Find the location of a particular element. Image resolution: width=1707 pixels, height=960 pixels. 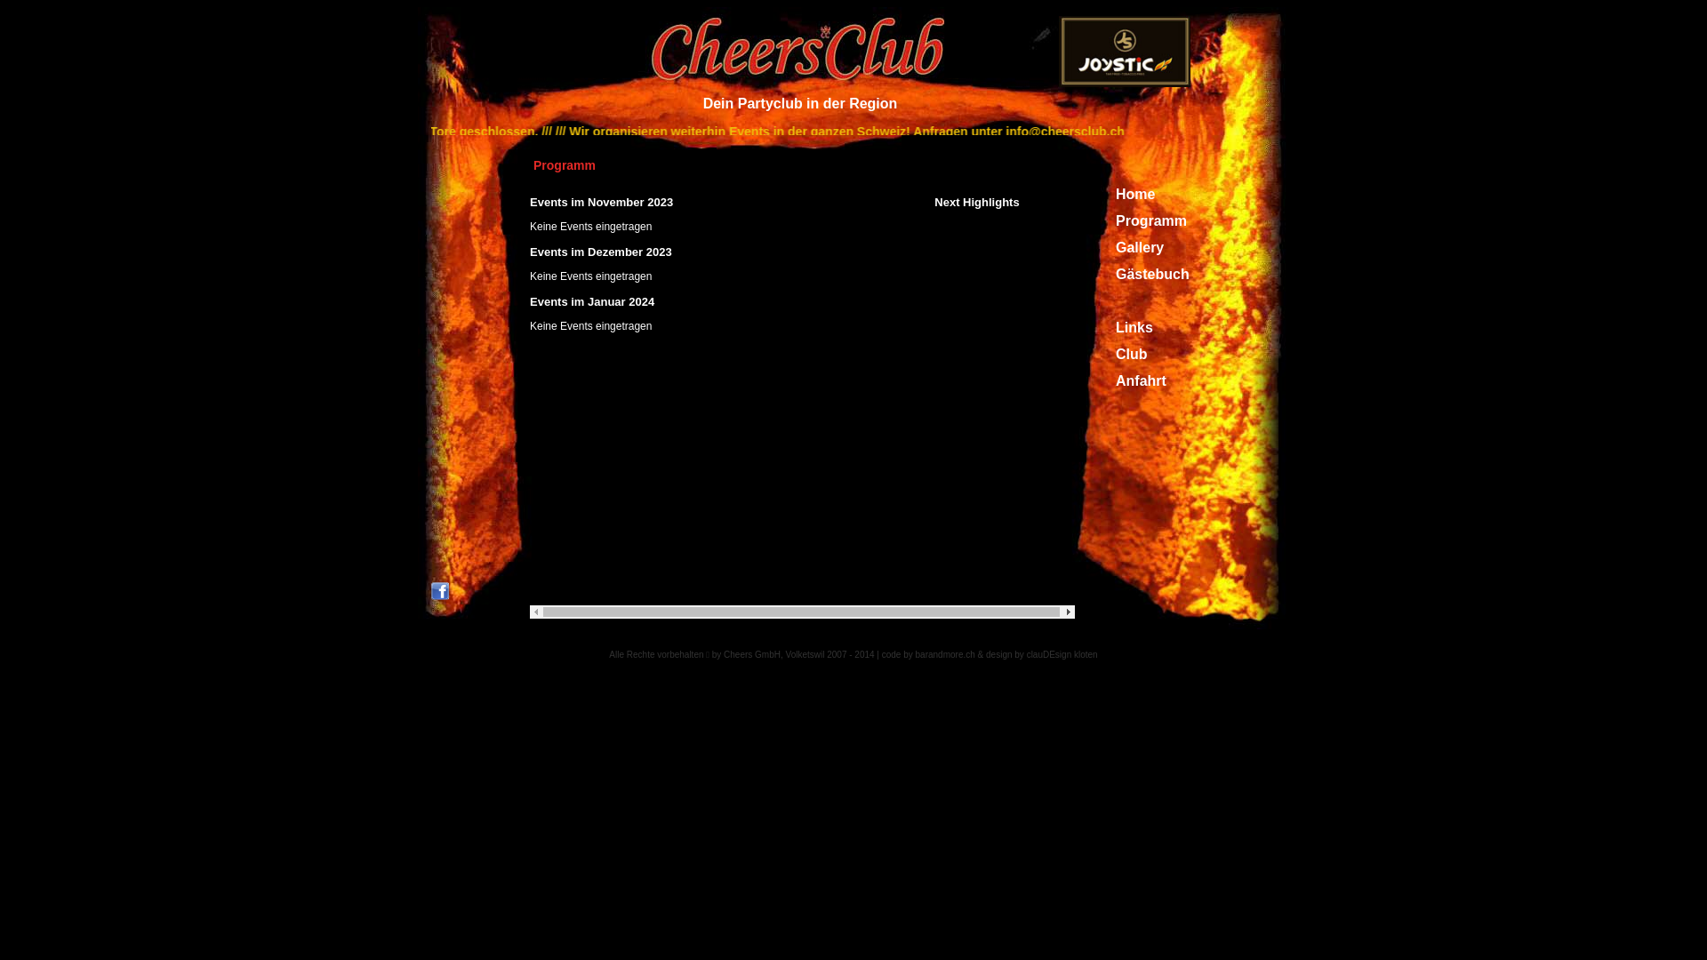

'Anfahrt' is located at coordinates (1141, 380).